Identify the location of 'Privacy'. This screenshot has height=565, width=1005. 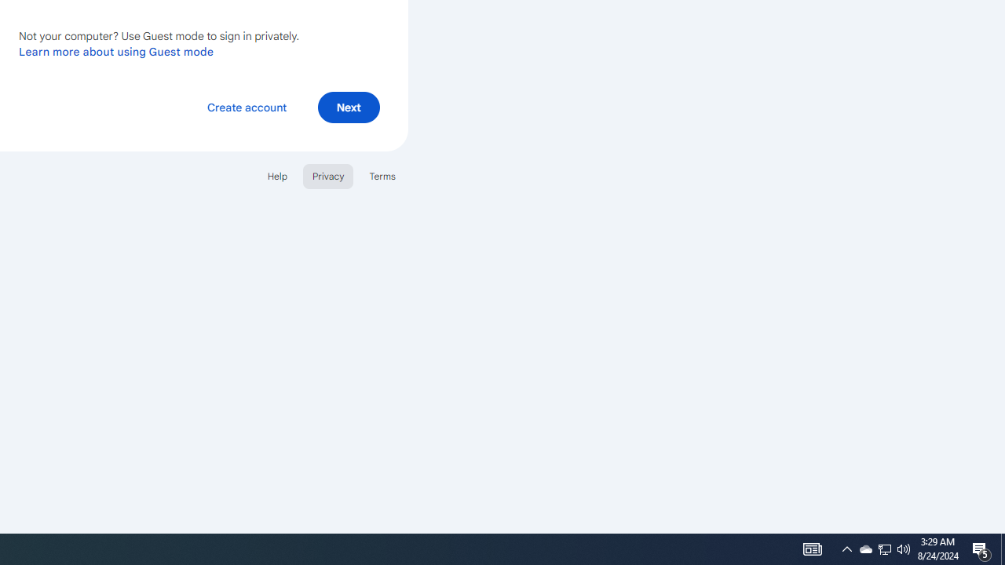
(327, 176).